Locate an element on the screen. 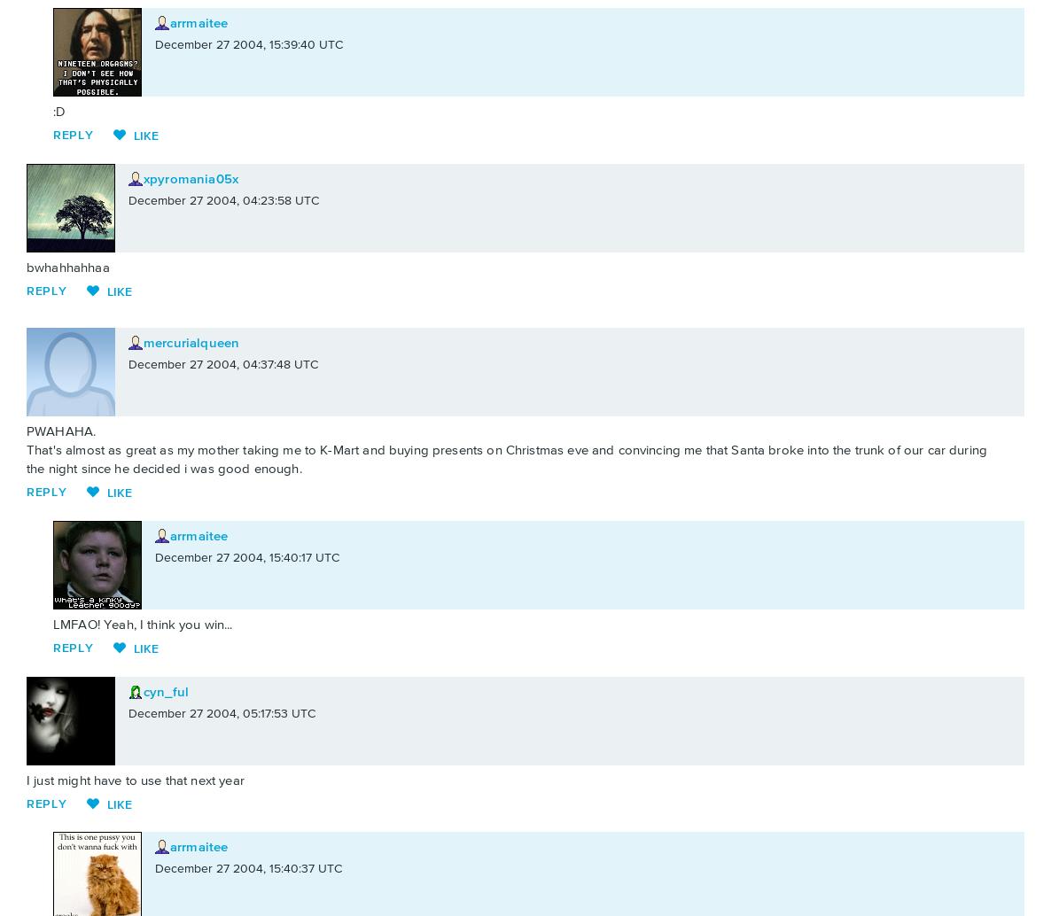 This screenshot has width=1051, height=916. 'I just might have to use that next year' is located at coordinates (134, 779).